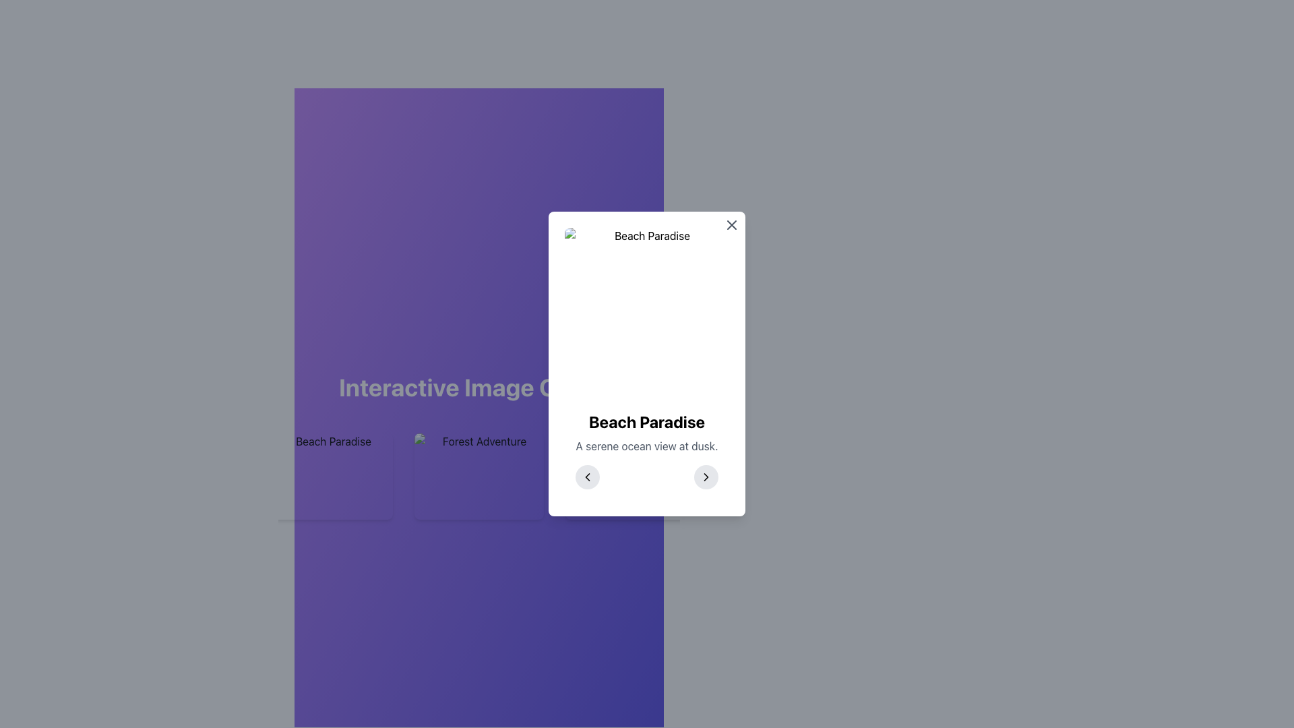  Describe the element at coordinates (705, 477) in the screenshot. I see `the chevron icon inside the circular button at the bottom-right corner of the 'Beach Paradise' card` at that location.